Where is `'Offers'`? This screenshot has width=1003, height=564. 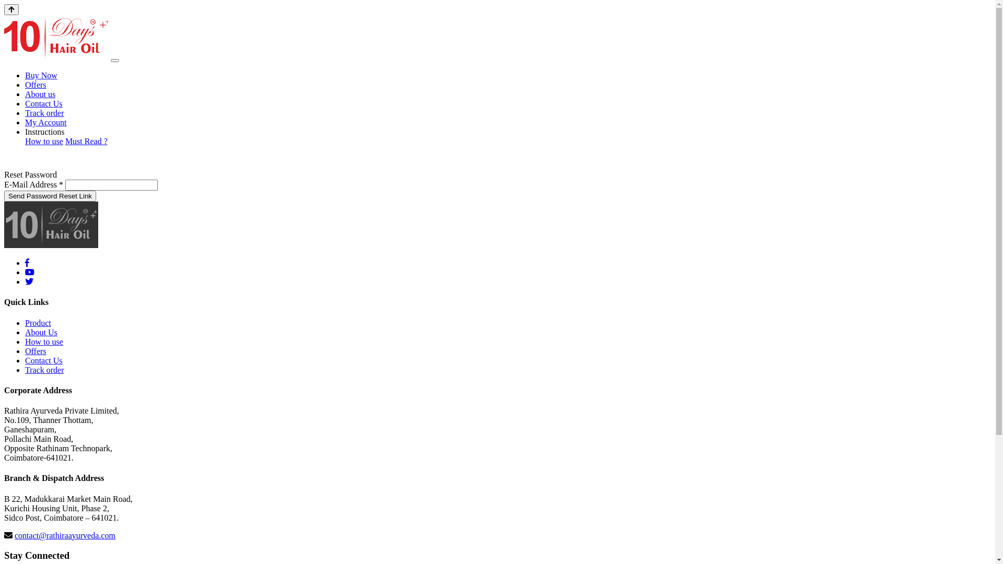
'Offers' is located at coordinates (36, 84).